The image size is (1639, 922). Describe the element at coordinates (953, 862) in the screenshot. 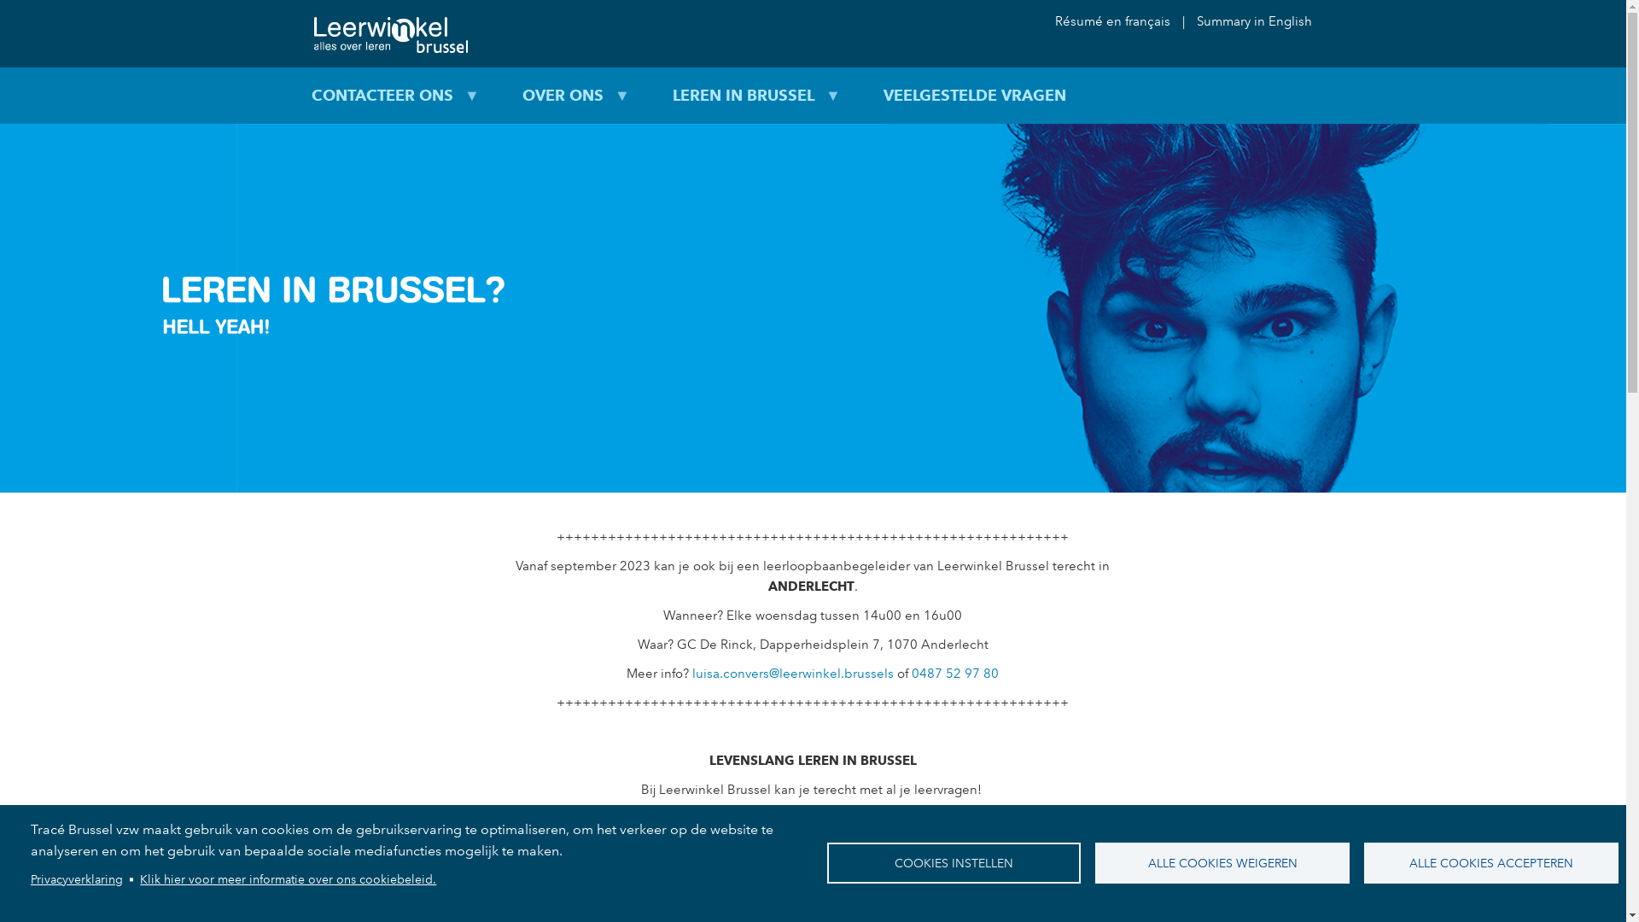

I see `'COOKIES INSTELLEN'` at that location.